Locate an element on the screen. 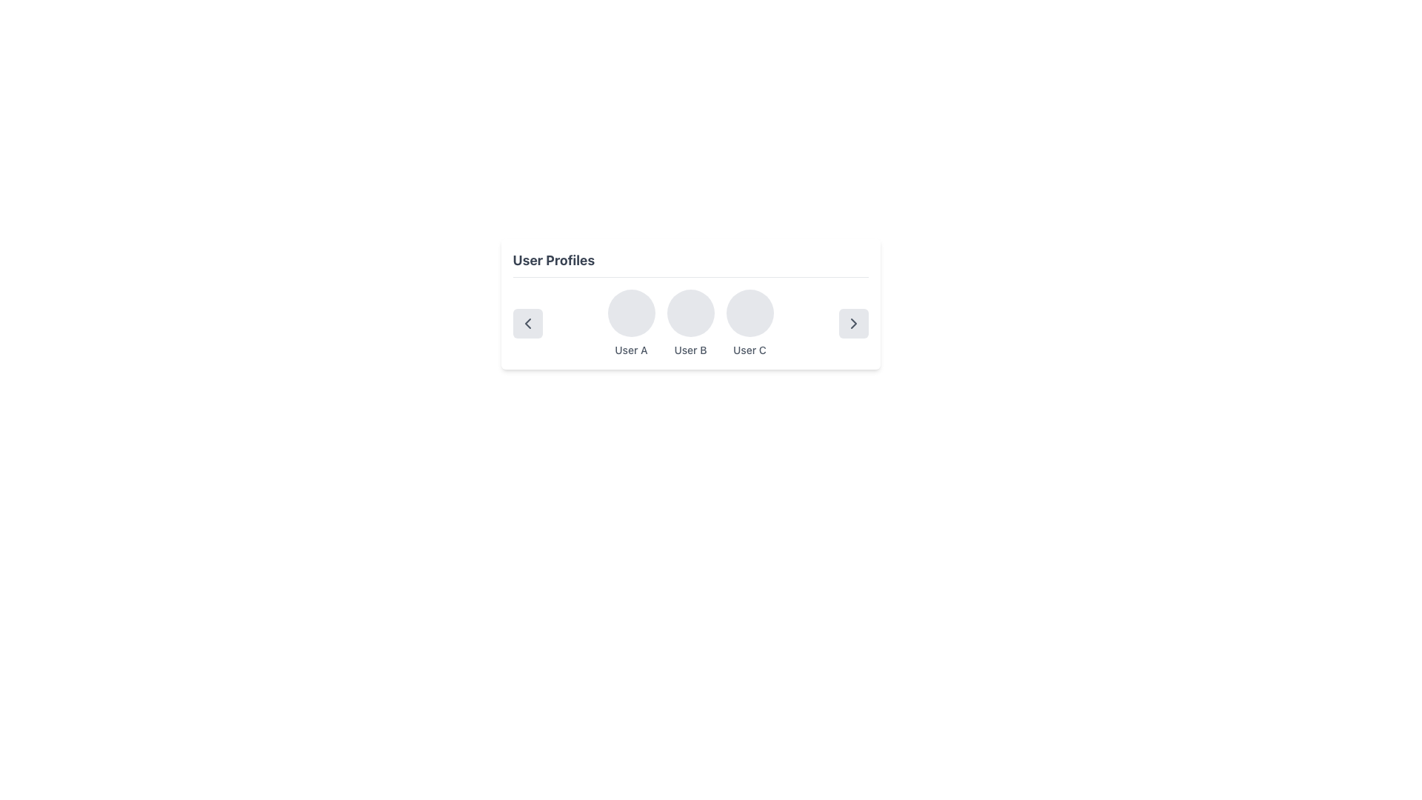 Image resolution: width=1422 pixels, height=800 pixels. the text label that identifies the user associated with the circular profile picture located above it, positioned directly below the first circular profile picture in the user profile group is located at coordinates (631, 350).